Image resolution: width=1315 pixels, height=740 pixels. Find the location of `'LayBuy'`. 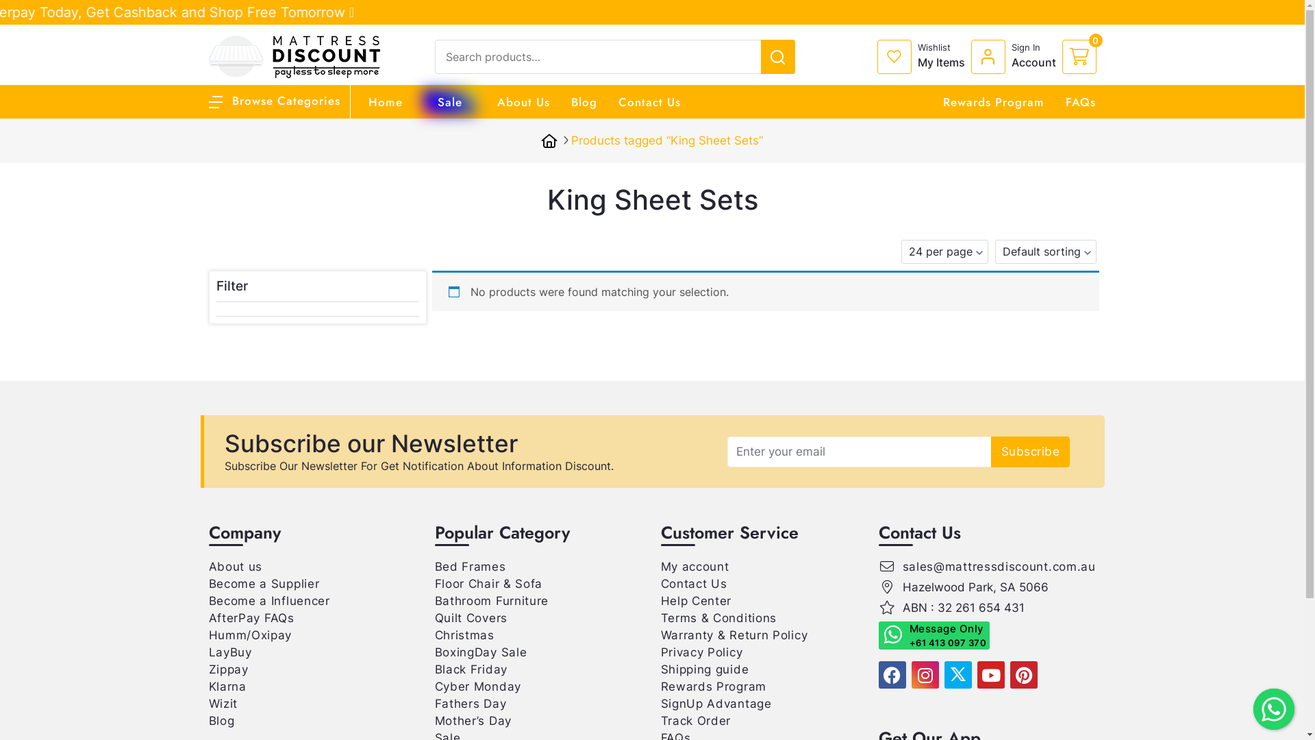

'LayBuy' is located at coordinates (229, 652).